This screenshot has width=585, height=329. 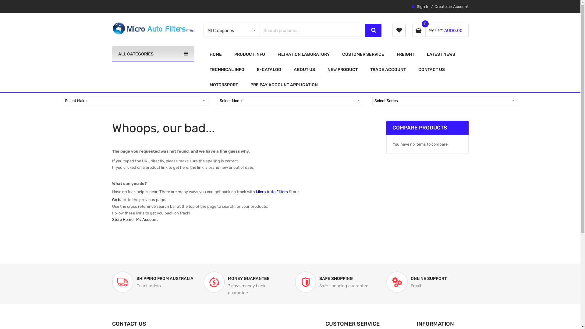 I want to click on 'Micro Auto Filters', so click(x=153, y=28).